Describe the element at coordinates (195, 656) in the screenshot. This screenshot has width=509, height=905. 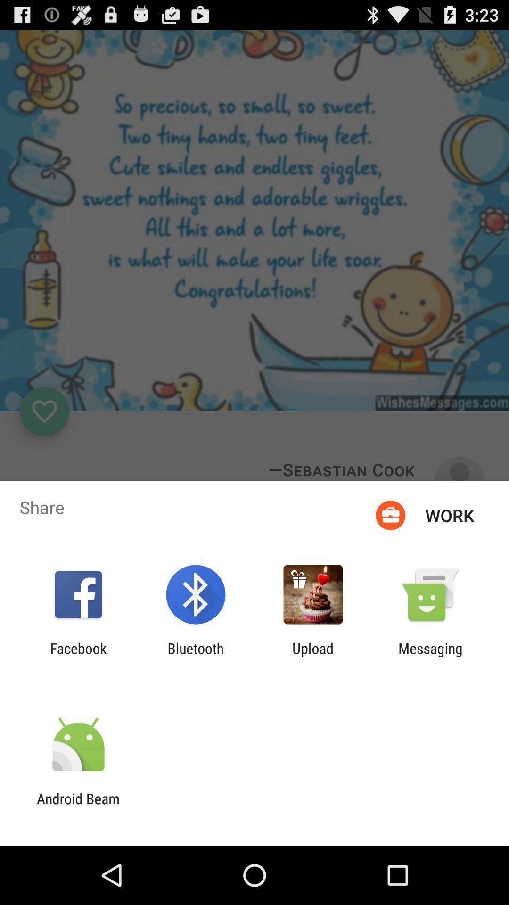
I see `app to the left of the upload icon` at that location.